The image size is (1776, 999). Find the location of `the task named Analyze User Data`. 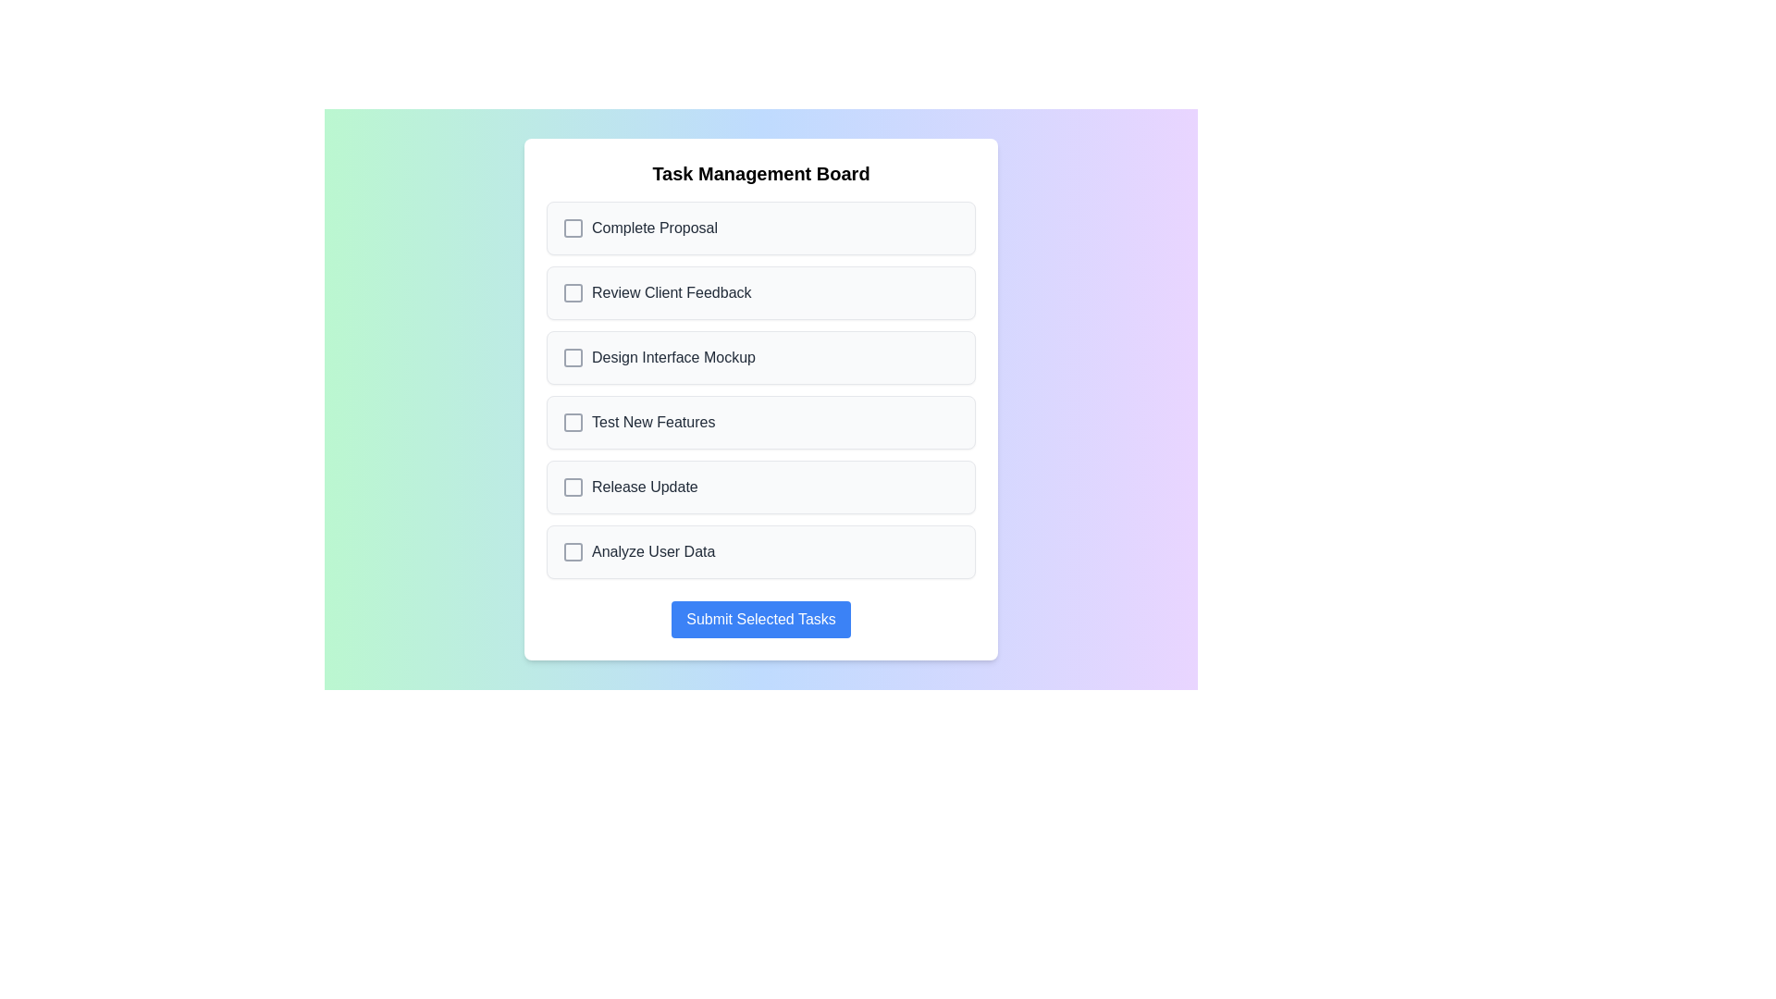

the task named Analyze User Data is located at coordinates (760, 551).